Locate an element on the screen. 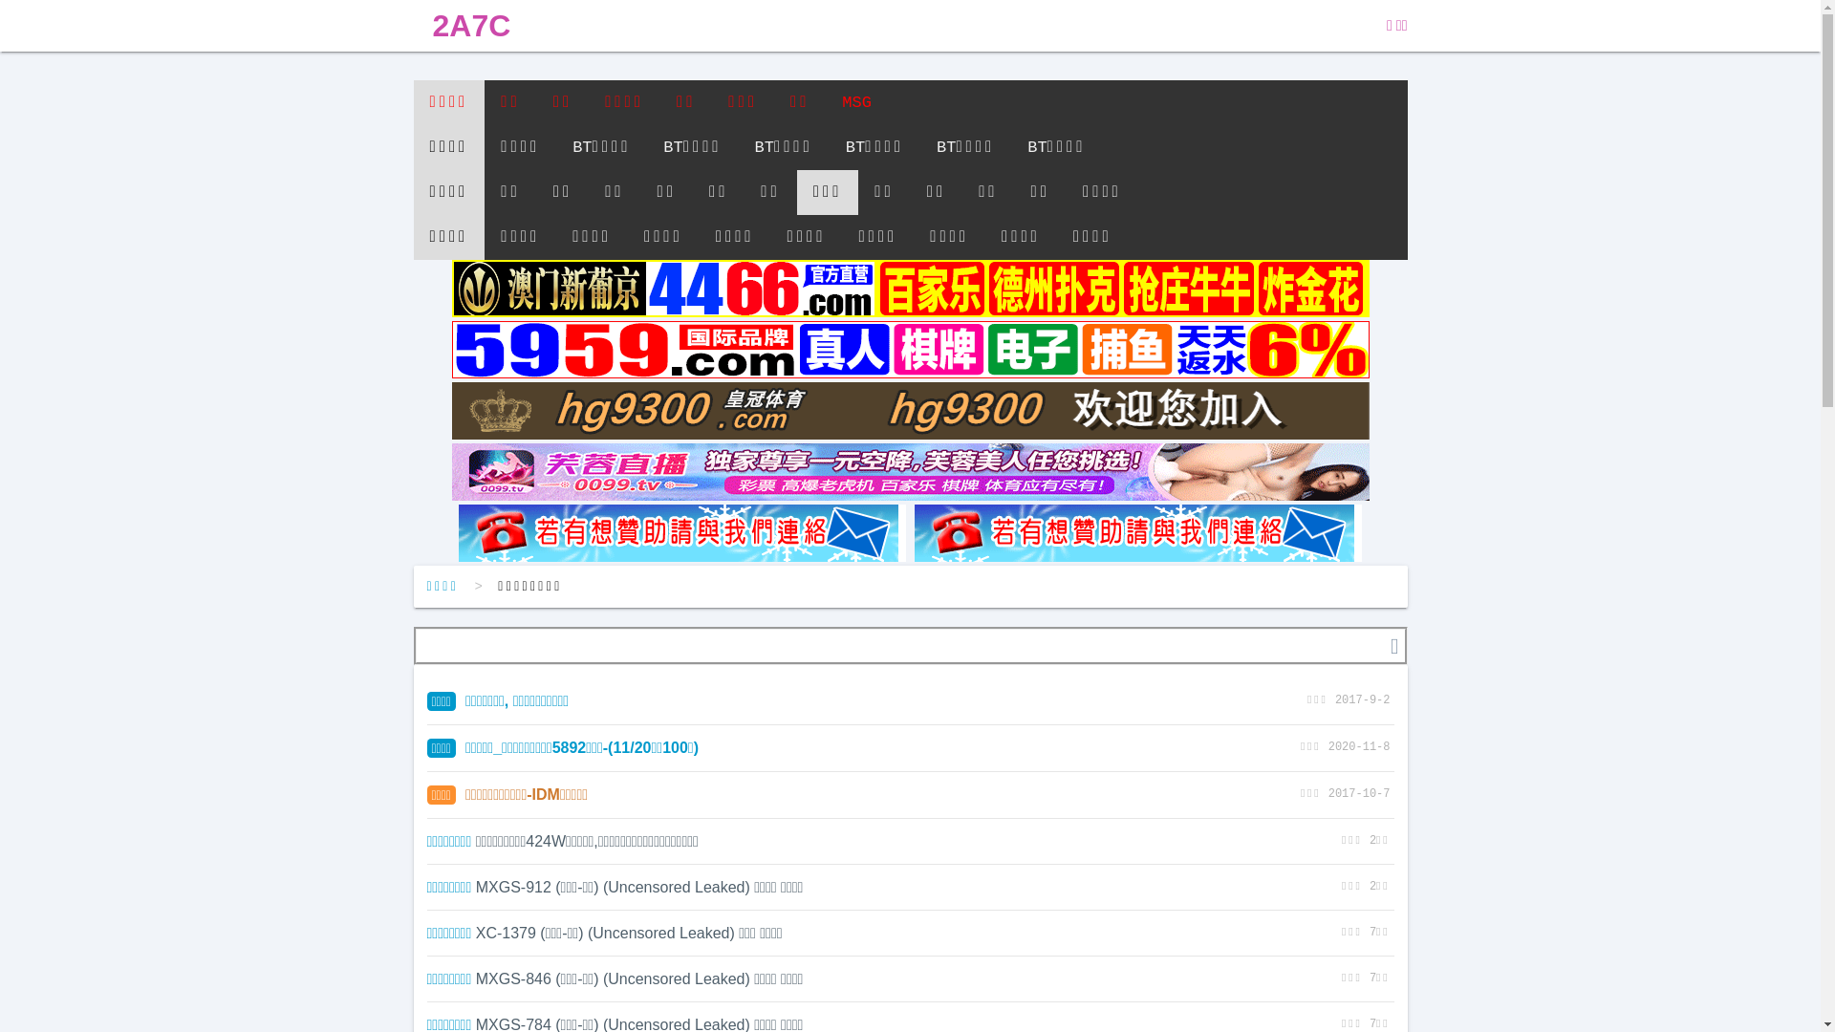 This screenshot has width=1835, height=1032. '2A7C' is located at coordinates (471, 26).